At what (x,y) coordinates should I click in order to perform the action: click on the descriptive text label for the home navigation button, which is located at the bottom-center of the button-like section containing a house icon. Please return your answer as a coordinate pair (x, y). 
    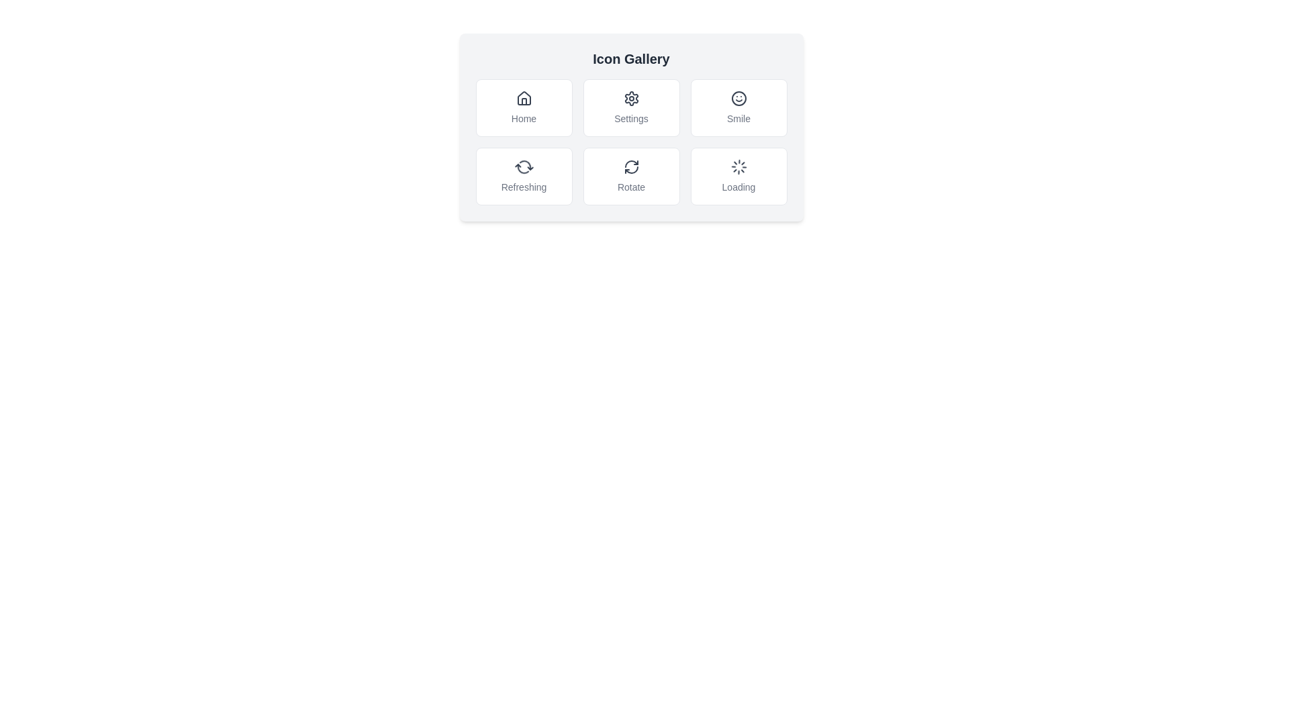
    Looking at the image, I should click on (523, 118).